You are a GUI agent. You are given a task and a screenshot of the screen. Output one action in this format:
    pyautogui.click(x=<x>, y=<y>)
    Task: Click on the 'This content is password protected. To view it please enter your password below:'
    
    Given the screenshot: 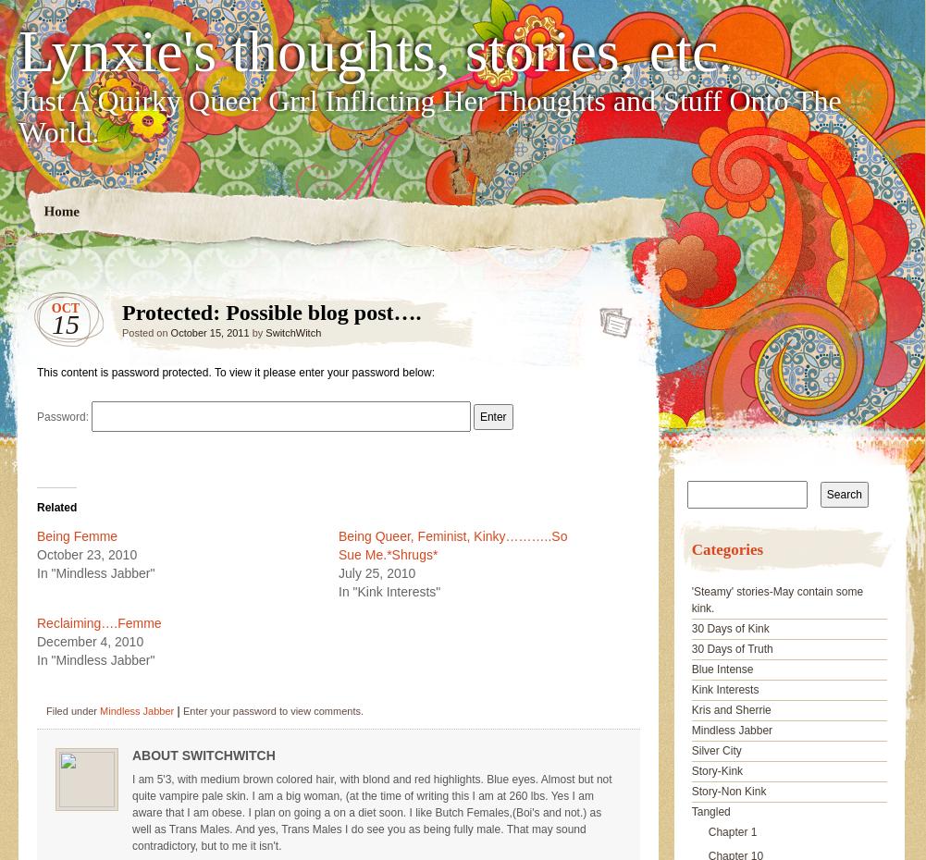 What is the action you would take?
    pyautogui.click(x=234, y=372)
    